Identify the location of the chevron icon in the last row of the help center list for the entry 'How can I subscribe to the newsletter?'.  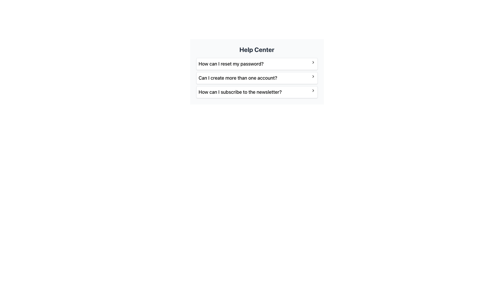
(313, 90).